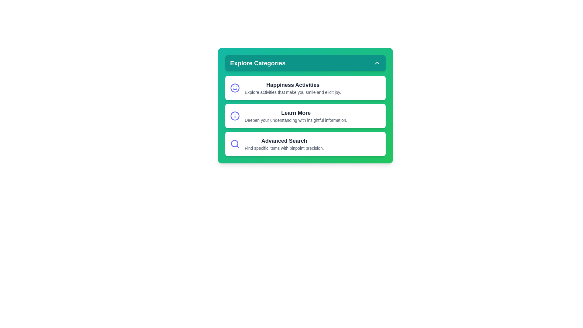 This screenshot has width=583, height=328. What do you see at coordinates (305, 116) in the screenshot?
I see `the category labeled Learn More to interact with it` at bounding box center [305, 116].